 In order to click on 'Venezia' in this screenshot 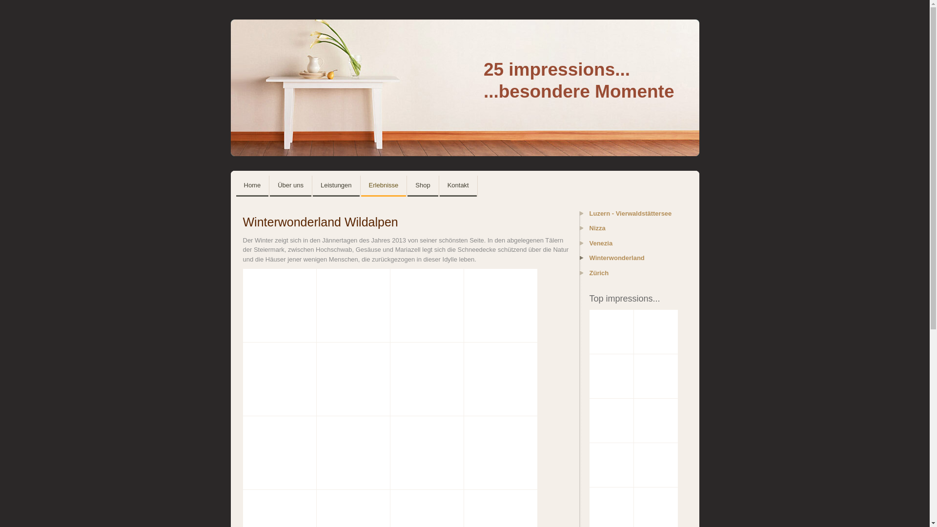, I will do `click(631, 245)`.